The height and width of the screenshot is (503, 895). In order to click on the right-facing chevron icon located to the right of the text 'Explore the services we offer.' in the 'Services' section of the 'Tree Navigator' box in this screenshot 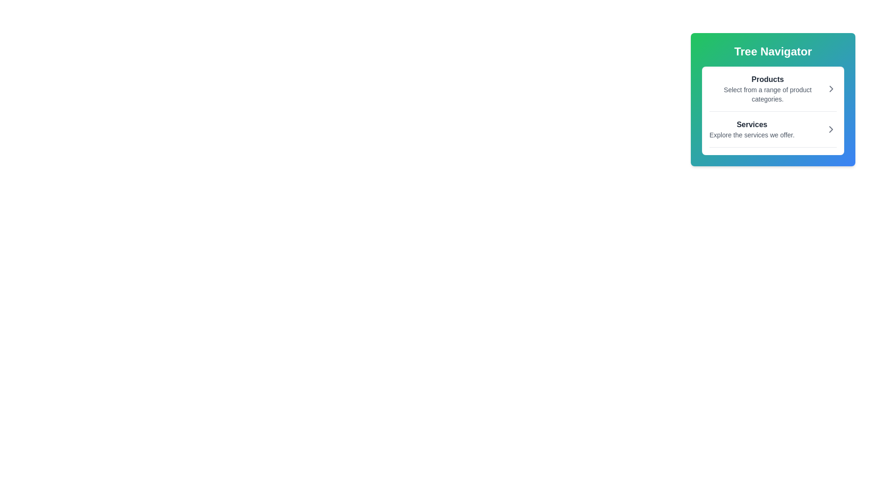, I will do `click(831, 129)`.